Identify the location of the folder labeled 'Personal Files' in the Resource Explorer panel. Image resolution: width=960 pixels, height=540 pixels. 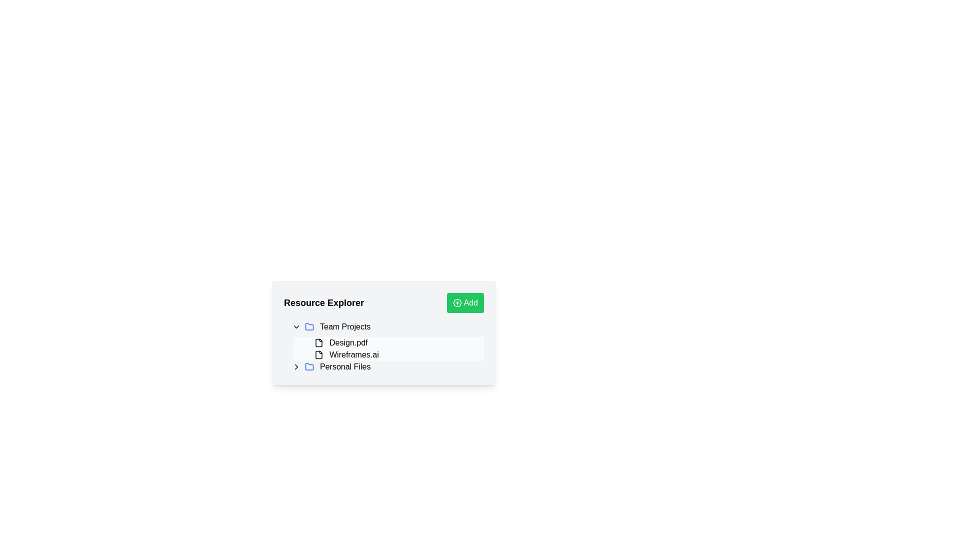
(383, 366).